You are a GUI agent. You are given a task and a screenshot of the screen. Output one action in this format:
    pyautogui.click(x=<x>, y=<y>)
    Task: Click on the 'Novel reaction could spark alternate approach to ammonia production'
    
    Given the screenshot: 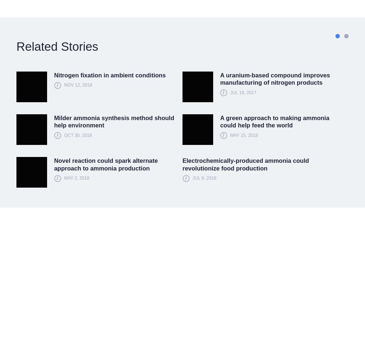 What is the action you would take?
    pyautogui.click(x=106, y=164)
    